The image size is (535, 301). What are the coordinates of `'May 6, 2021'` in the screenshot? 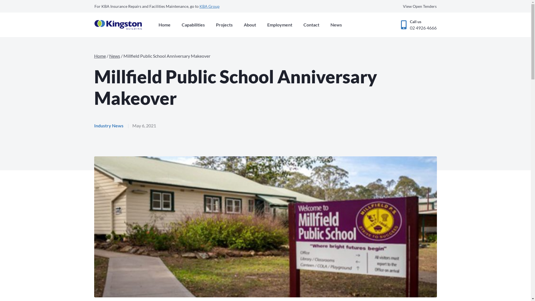 It's located at (144, 126).